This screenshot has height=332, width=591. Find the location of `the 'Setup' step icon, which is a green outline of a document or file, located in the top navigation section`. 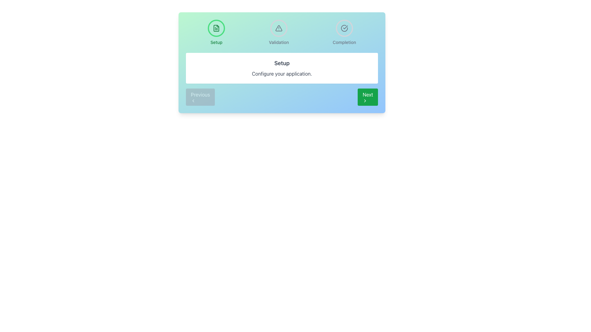

the 'Setup' step icon, which is a green outline of a document or file, located in the top navigation section is located at coordinates (216, 28).